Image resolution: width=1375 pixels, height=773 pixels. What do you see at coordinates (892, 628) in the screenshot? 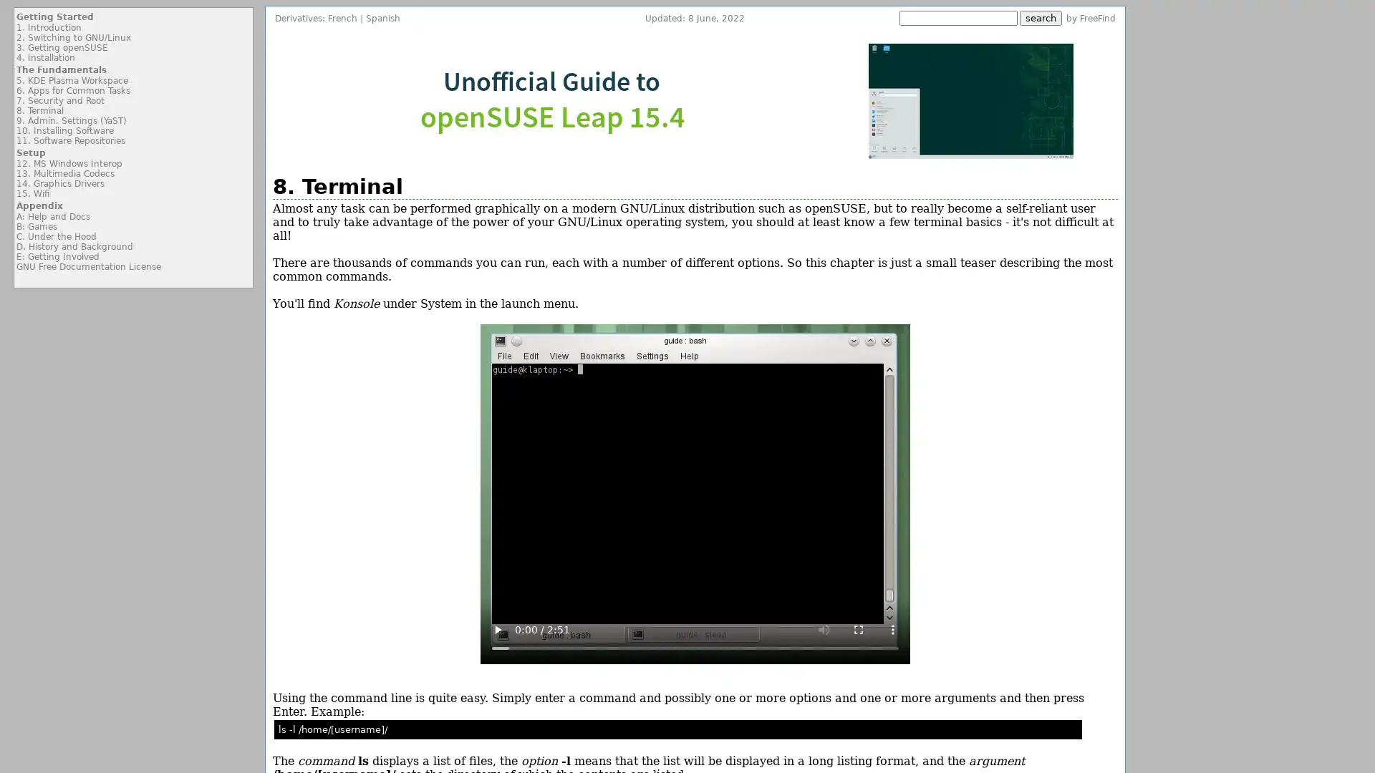
I see `show more media controls` at bounding box center [892, 628].